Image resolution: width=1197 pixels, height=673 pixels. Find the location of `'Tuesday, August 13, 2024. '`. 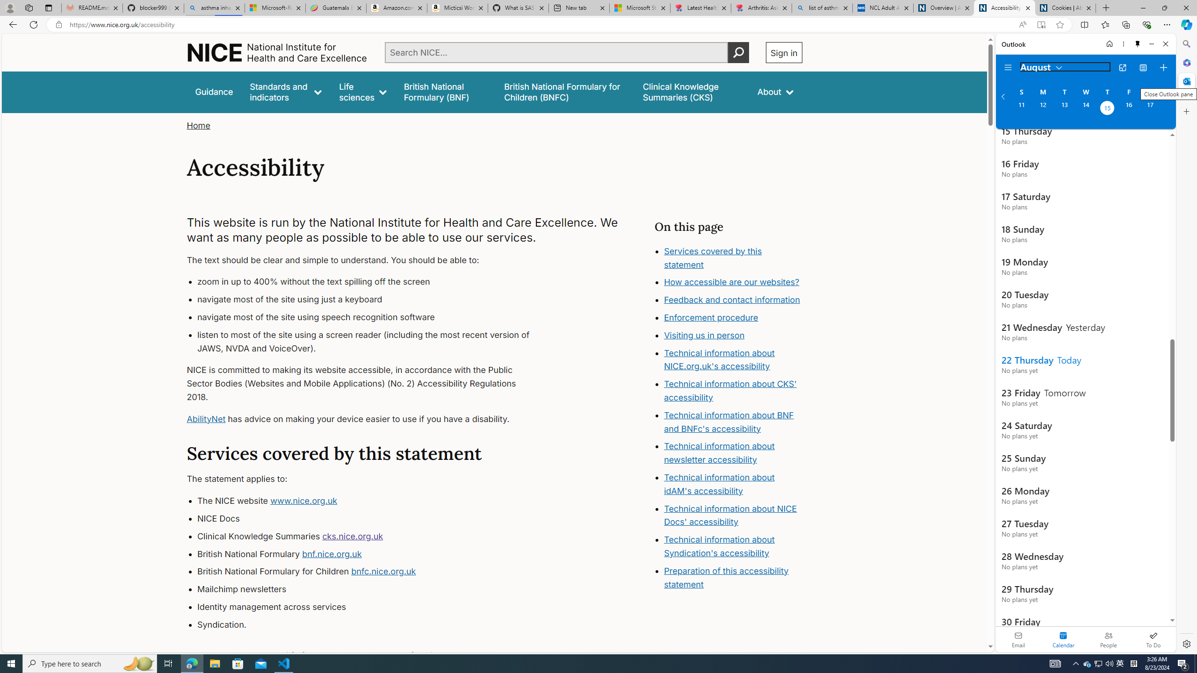

'Tuesday, August 13, 2024. ' is located at coordinates (1063, 109).